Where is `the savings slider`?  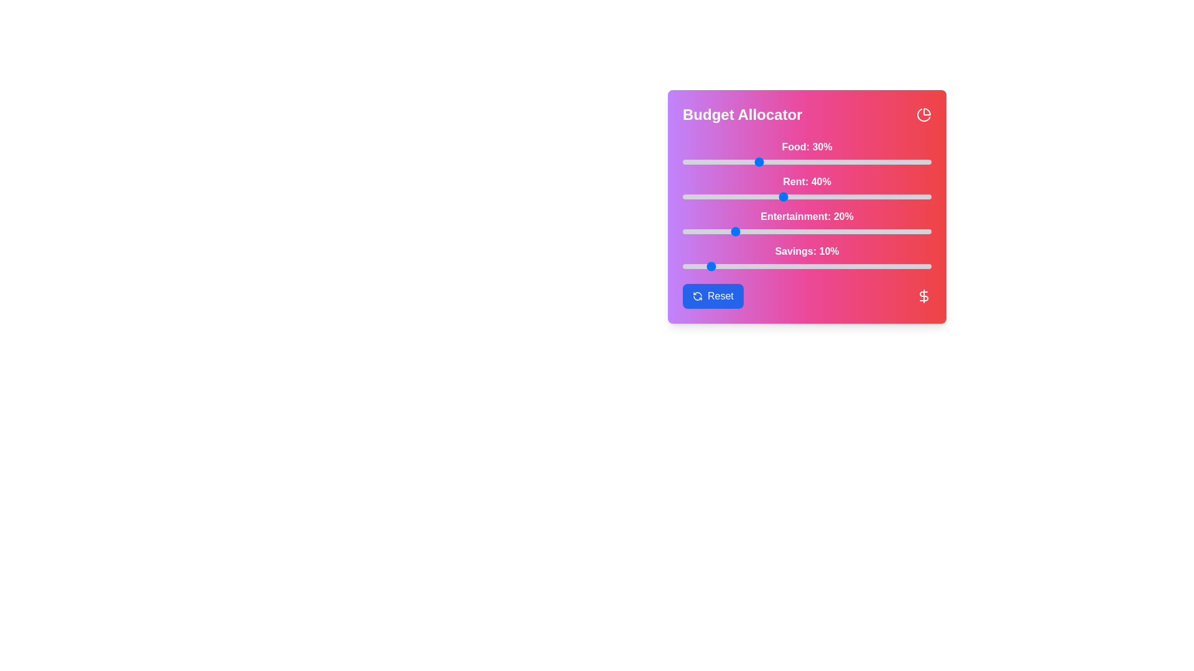 the savings slider is located at coordinates (707, 265).